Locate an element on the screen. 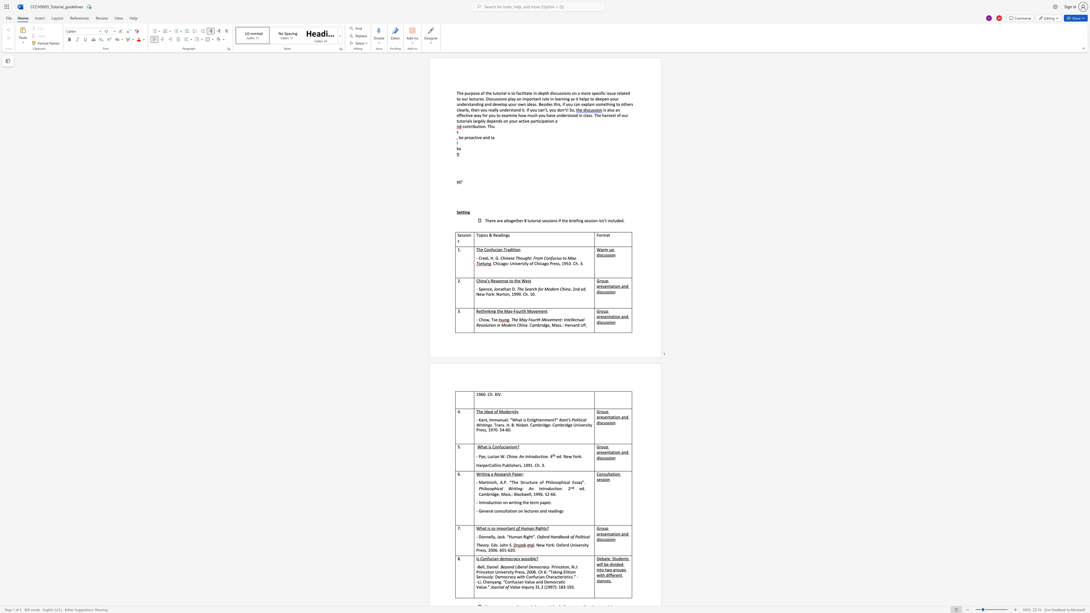  the subset text "s so i" within the text "What is so important" is located at coordinates (488, 528).